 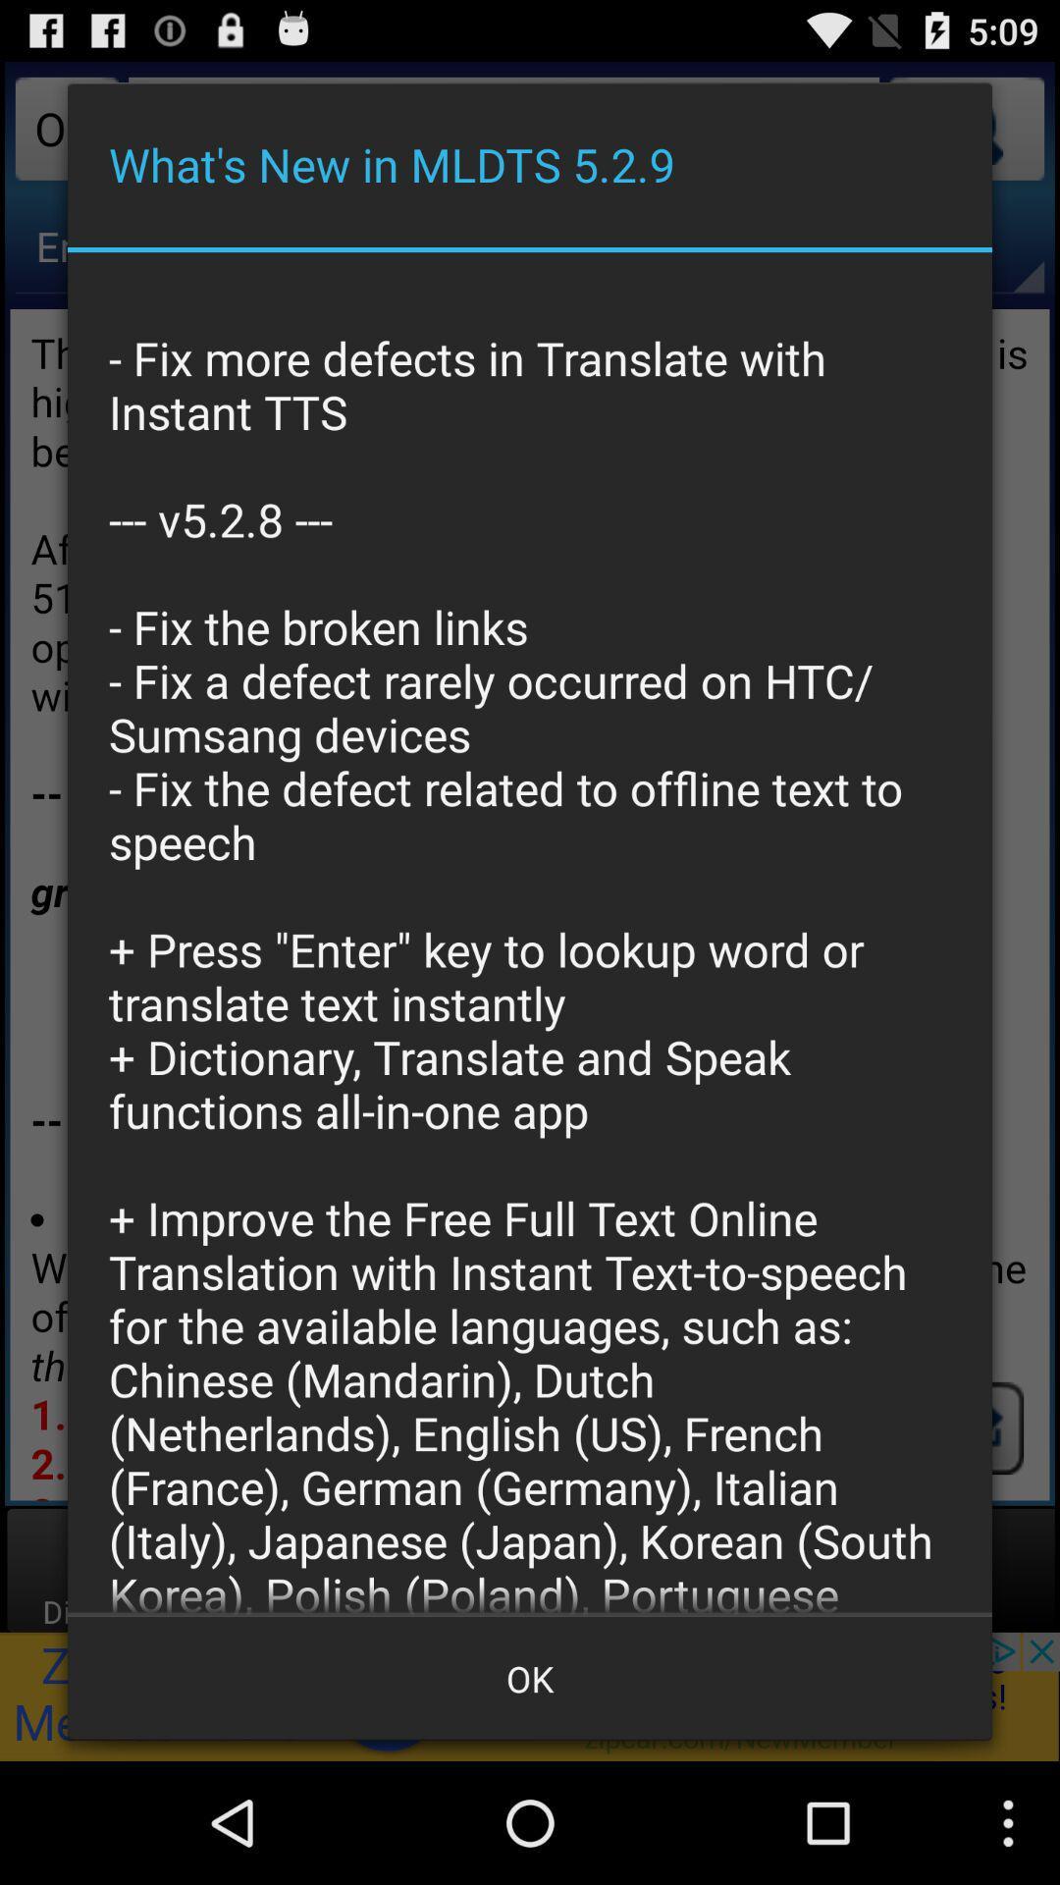 What do you see at coordinates (530, 1677) in the screenshot?
I see `the item at the bottom` at bounding box center [530, 1677].